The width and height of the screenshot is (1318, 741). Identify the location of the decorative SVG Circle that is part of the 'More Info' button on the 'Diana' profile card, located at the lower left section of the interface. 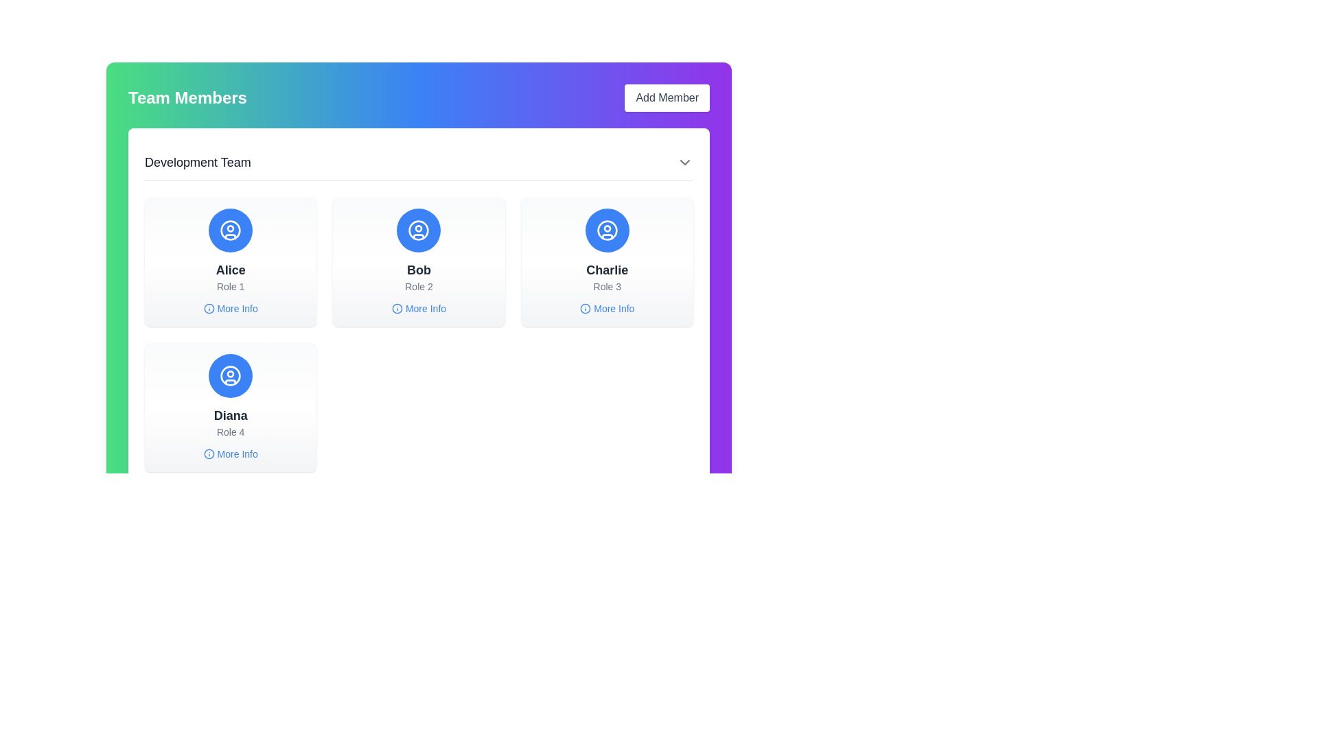
(208, 454).